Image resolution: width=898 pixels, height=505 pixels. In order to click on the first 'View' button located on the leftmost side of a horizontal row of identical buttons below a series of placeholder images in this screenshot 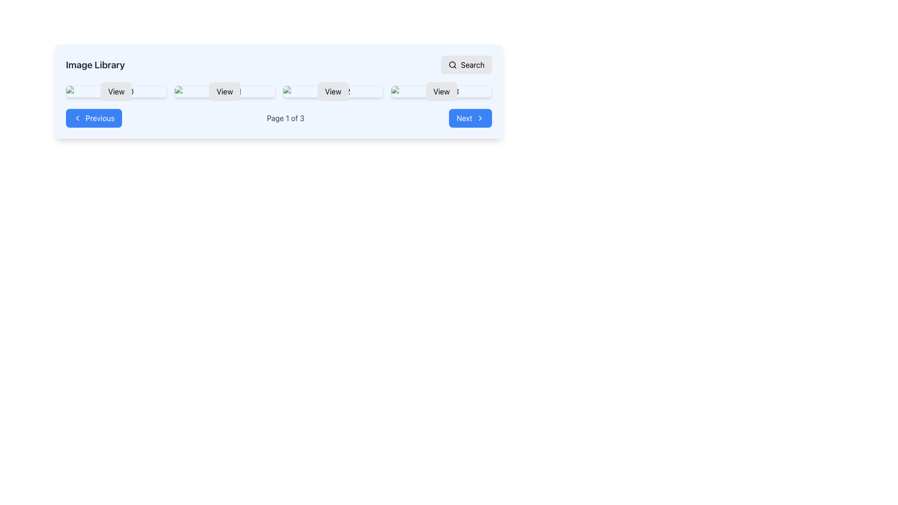, I will do `click(116, 92)`.